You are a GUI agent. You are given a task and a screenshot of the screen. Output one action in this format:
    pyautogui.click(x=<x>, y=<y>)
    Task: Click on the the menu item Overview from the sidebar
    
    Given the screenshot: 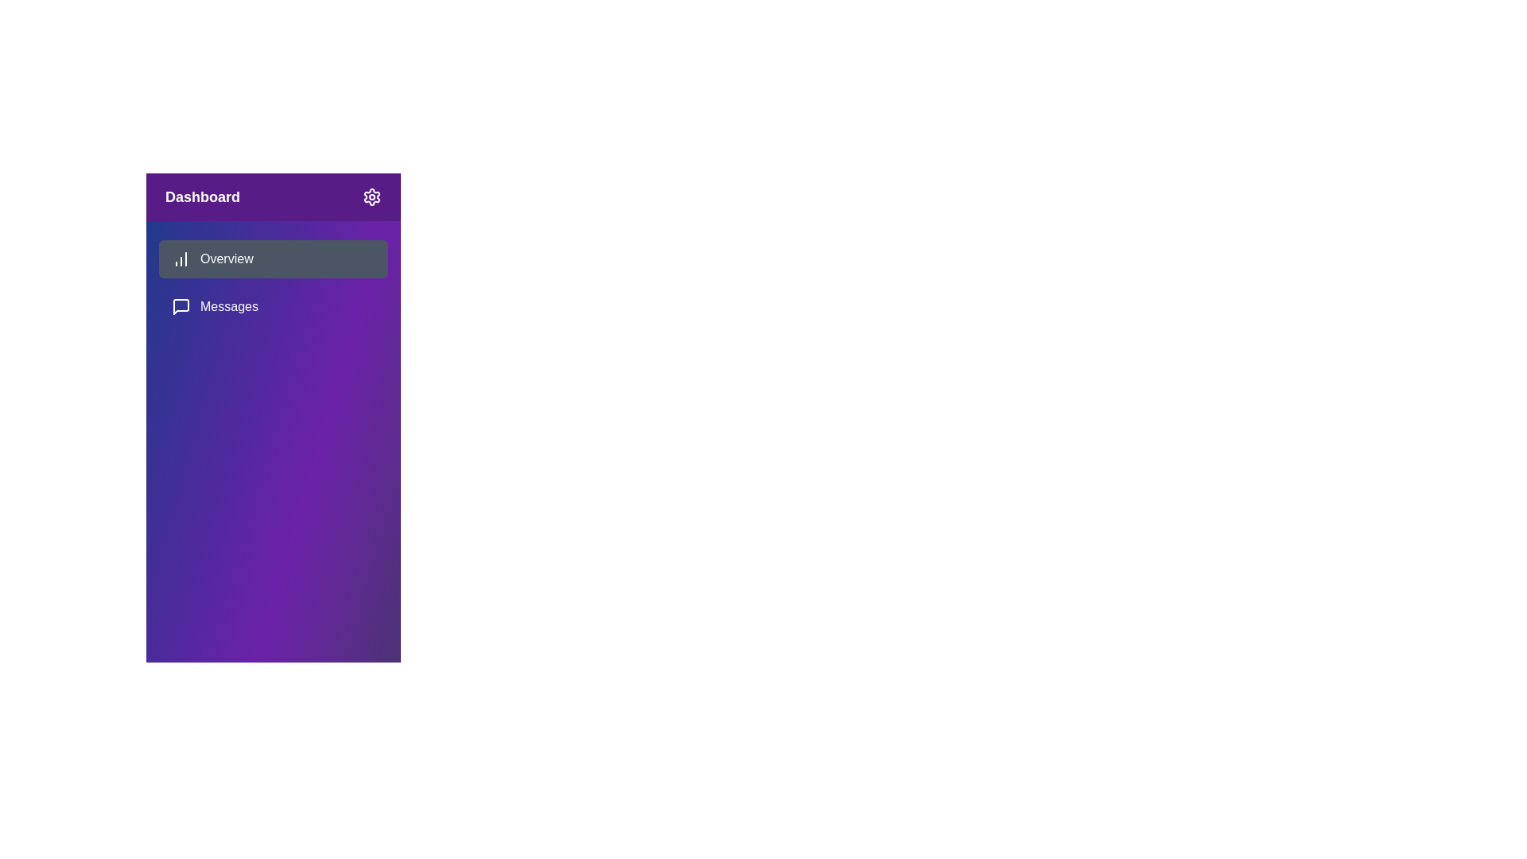 What is the action you would take?
    pyautogui.click(x=274, y=258)
    